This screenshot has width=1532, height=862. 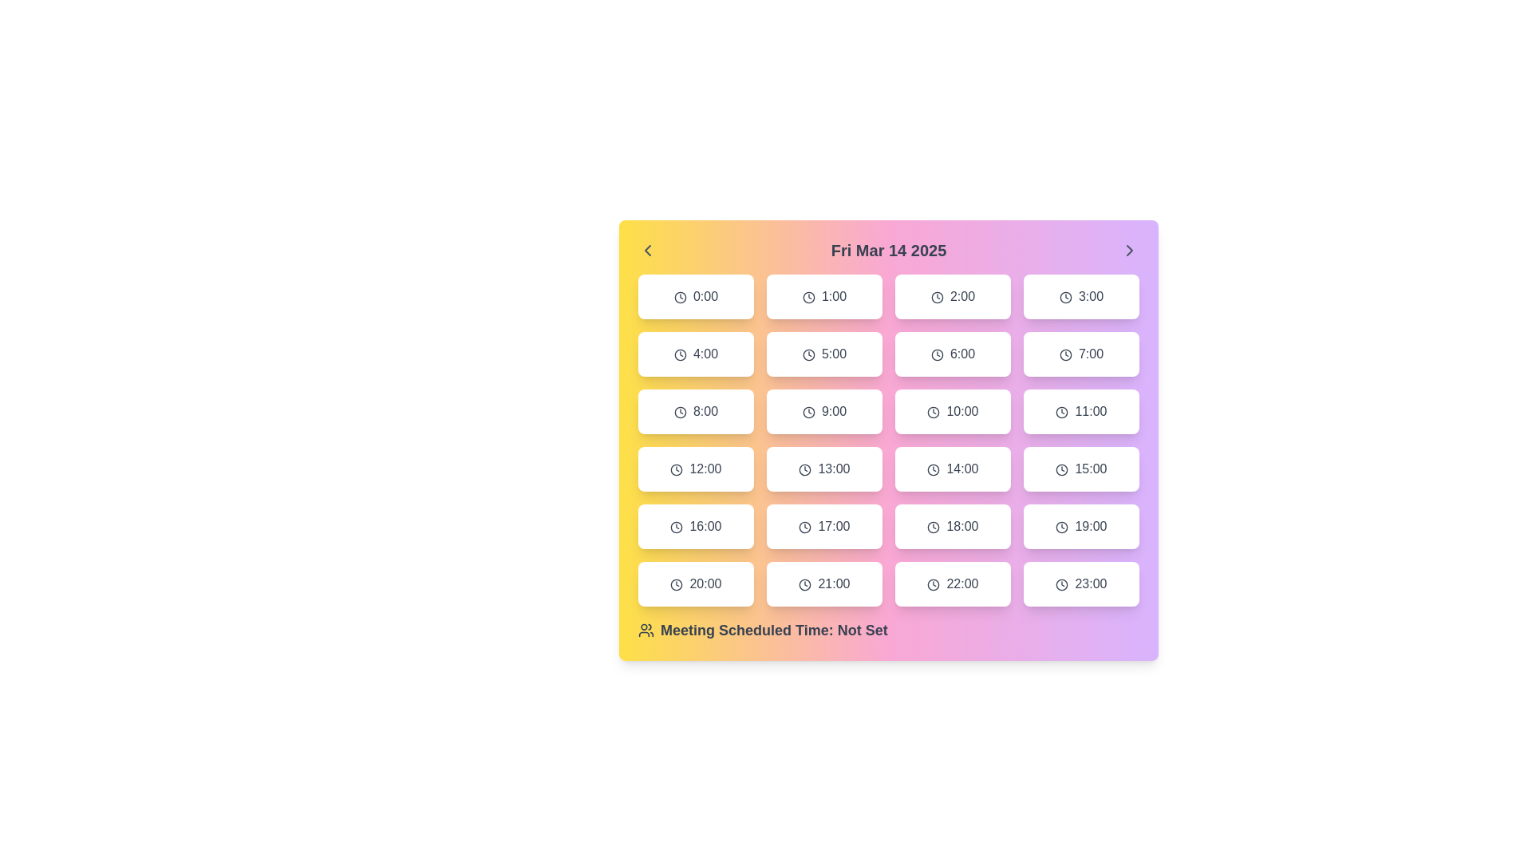 I want to click on the decorative icon representing the time slot '14:00' in the scheduling interface, located in the third column of the fourth row, so click(x=934, y=469).